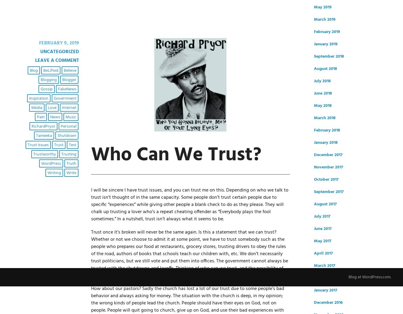 Image resolution: width=403 pixels, height=314 pixels. What do you see at coordinates (57, 135) in the screenshot?
I see `'Shutdown'` at bounding box center [57, 135].